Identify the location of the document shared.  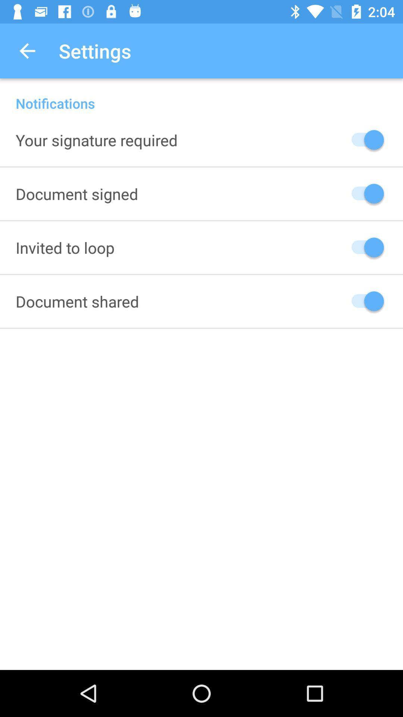
(77, 301).